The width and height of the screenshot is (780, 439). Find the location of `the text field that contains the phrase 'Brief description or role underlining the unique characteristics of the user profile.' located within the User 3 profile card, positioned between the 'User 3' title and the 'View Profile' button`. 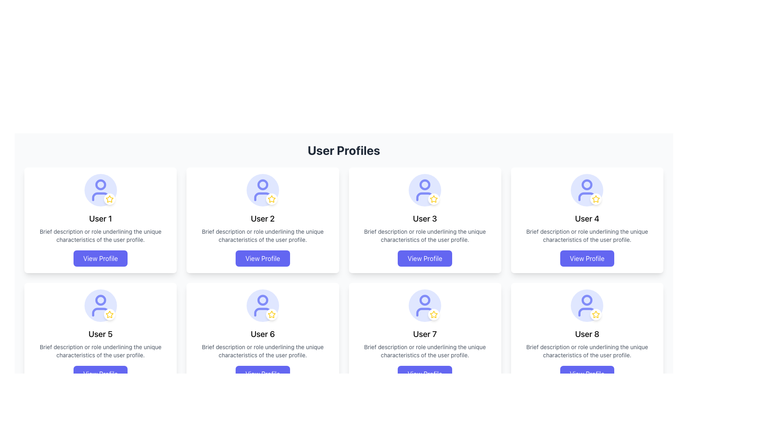

the text field that contains the phrase 'Brief description or role underlining the unique characteristics of the user profile.' located within the User 3 profile card, positioned between the 'User 3' title and the 'View Profile' button is located at coordinates (425, 235).